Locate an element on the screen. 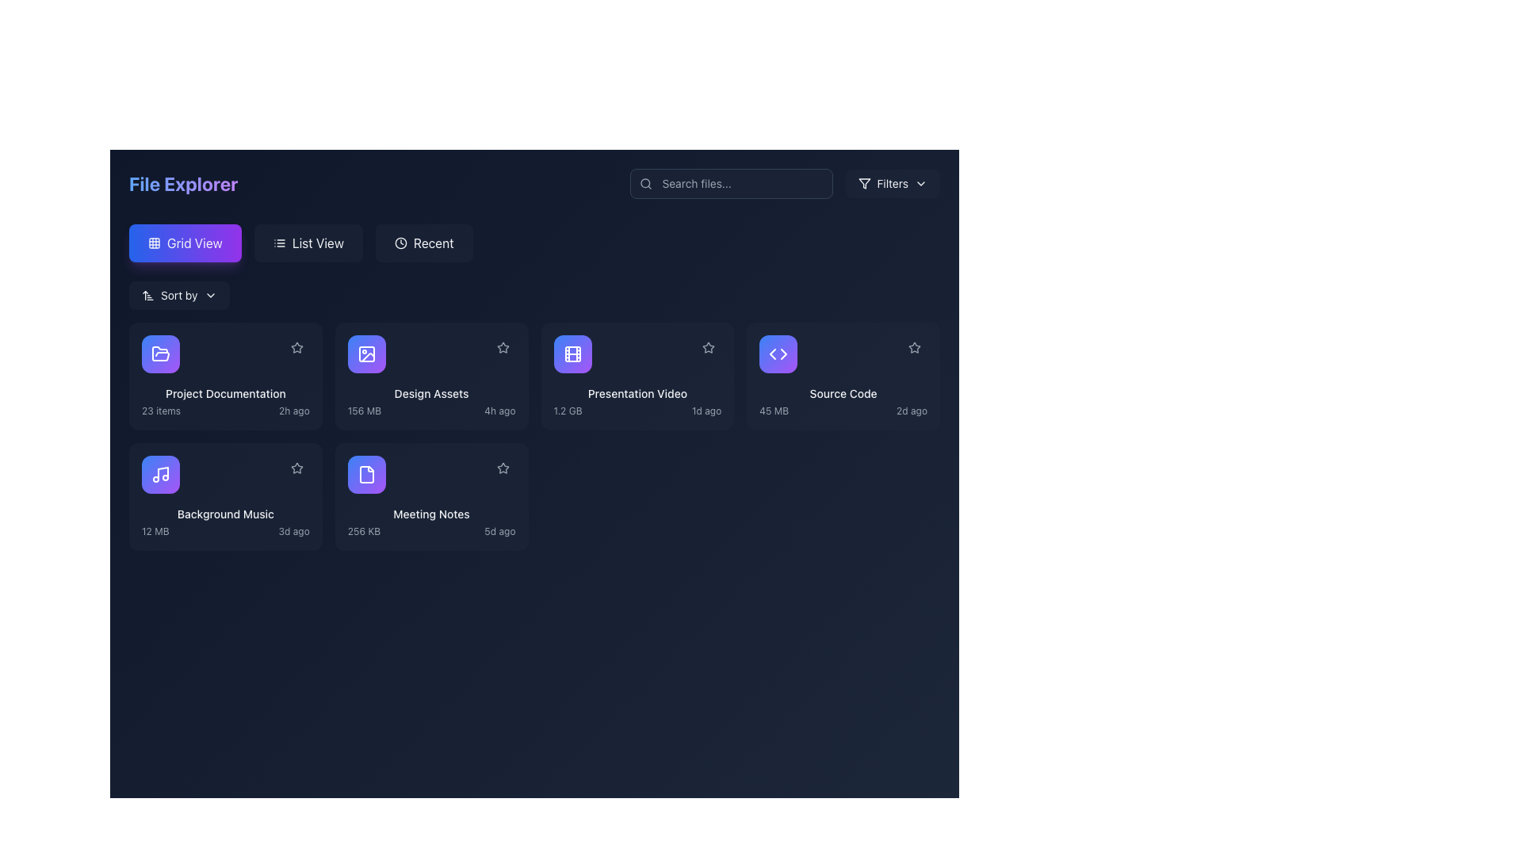 The width and height of the screenshot is (1522, 856). the favorite button located in the top-right corner of the first card, adjacent to the 'Project Documentation' text, to observe the hover effect is located at coordinates (296, 347).